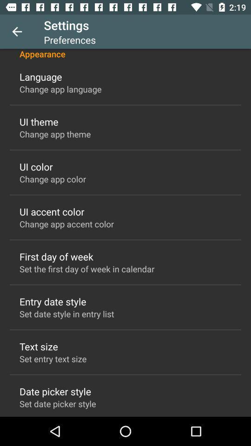 The image size is (251, 446). Describe the element at coordinates (17, 32) in the screenshot. I see `icon above appearance item` at that location.